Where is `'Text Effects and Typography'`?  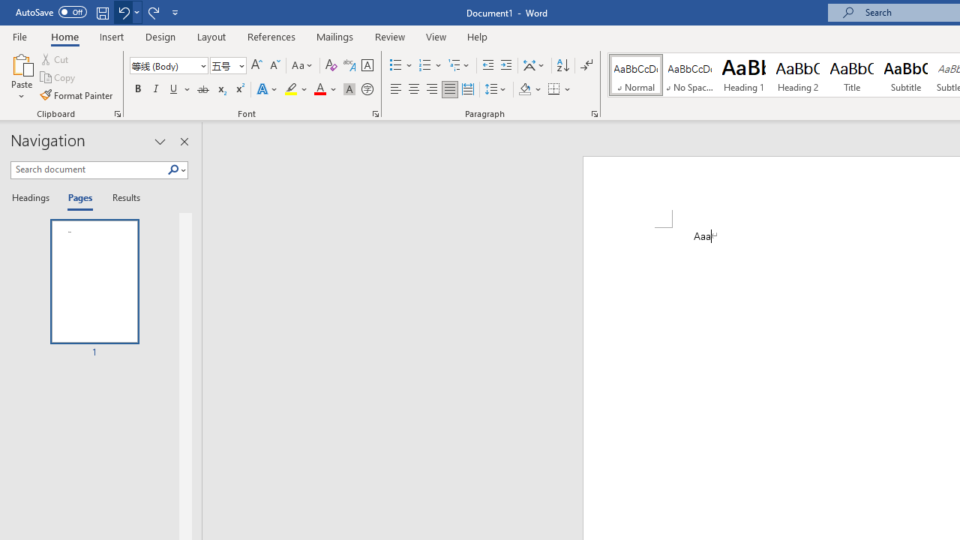
'Text Effects and Typography' is located at coordinates (268, 89).